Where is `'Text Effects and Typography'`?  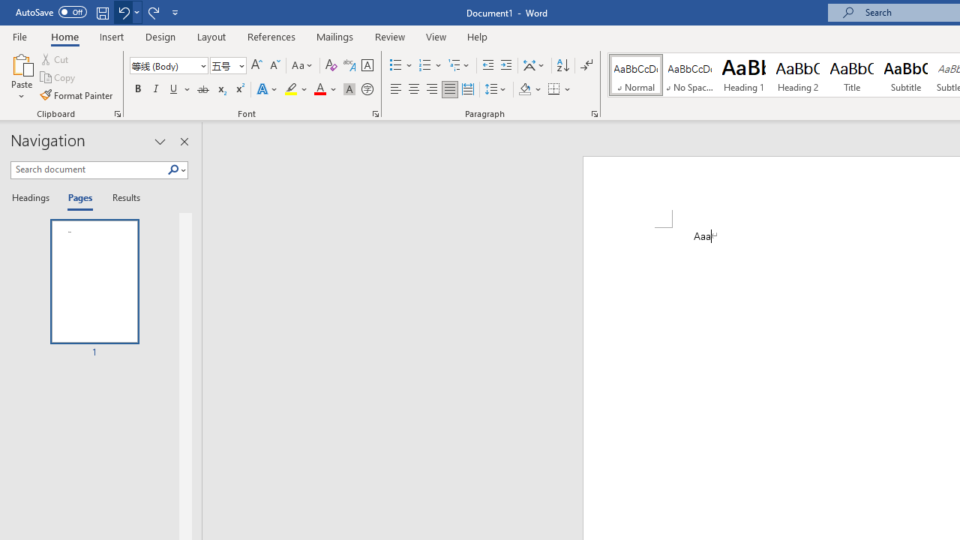
'Text Effects and Typography' is located at coordinates (268, 89).